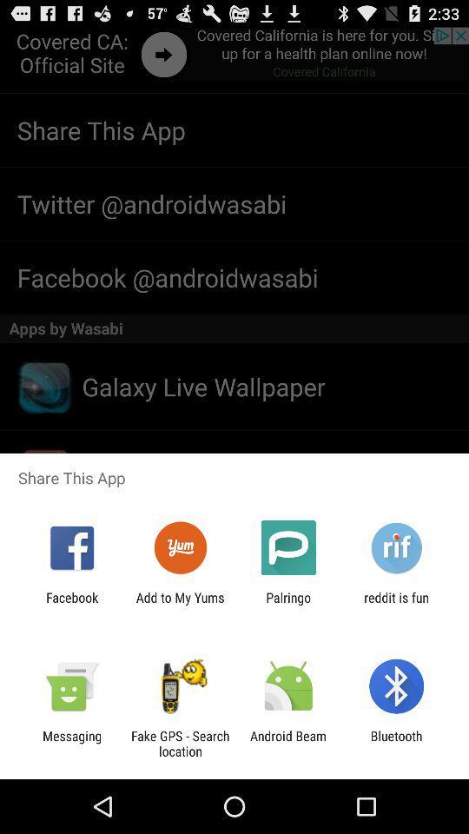  I want to click on the app to the right of the facebook item, so click(179, 605).